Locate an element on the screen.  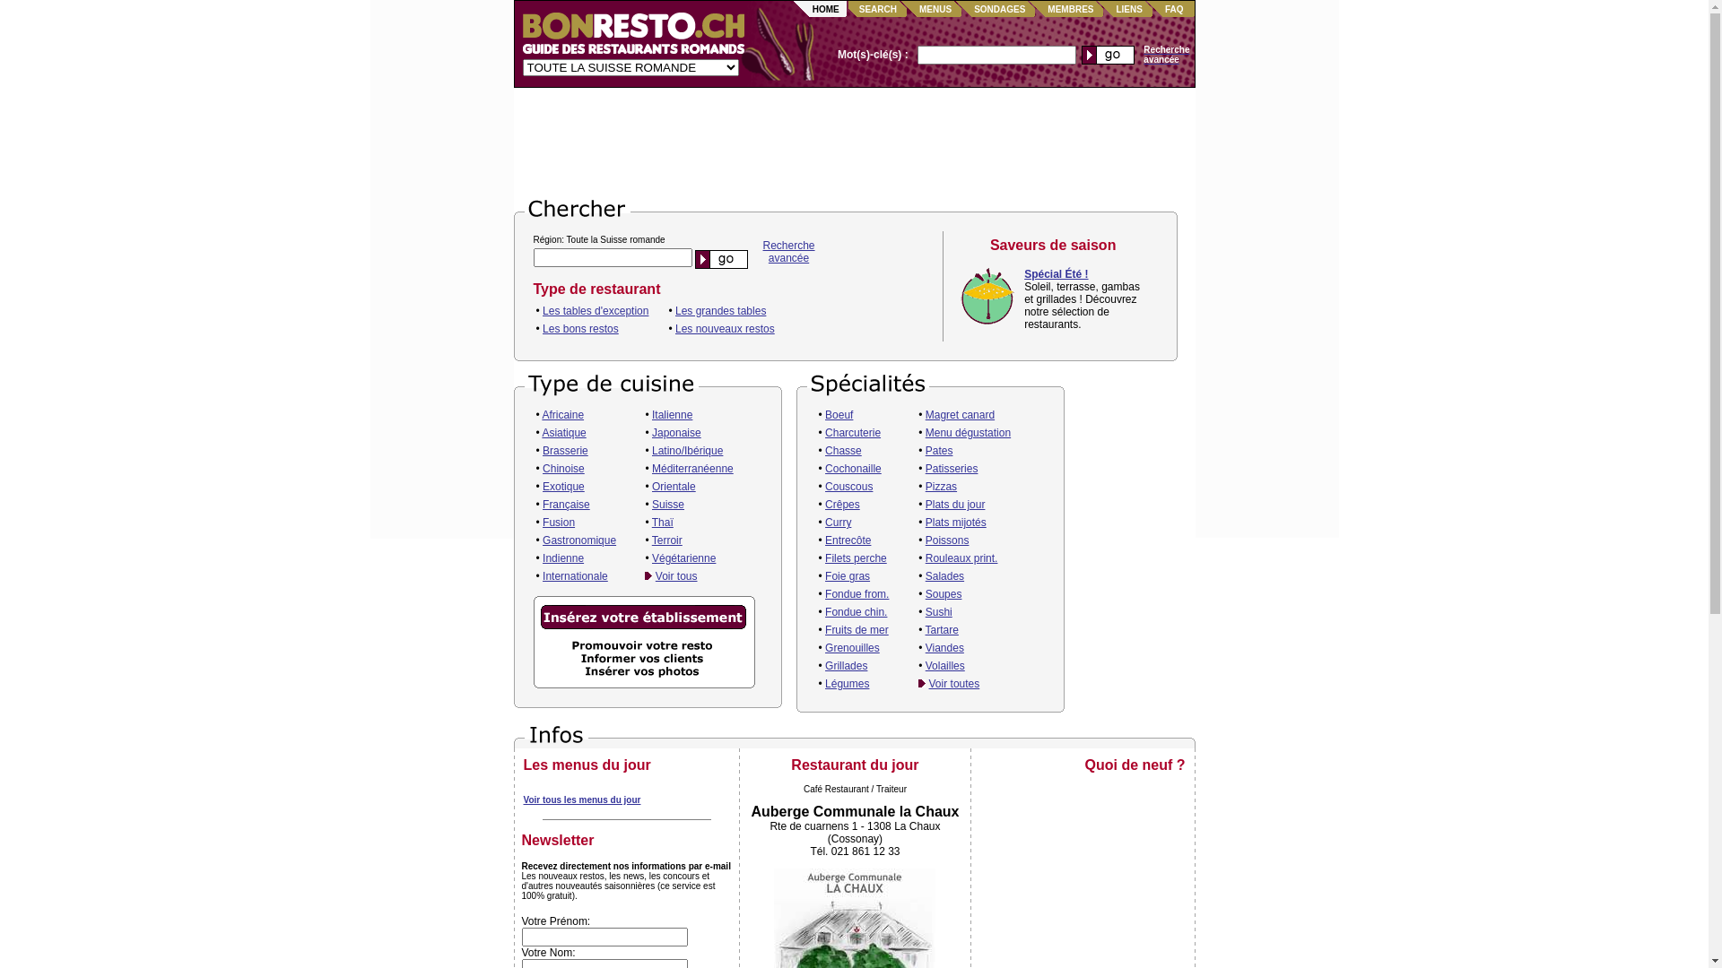
'MENUS' is located at coordinates (919, 8).